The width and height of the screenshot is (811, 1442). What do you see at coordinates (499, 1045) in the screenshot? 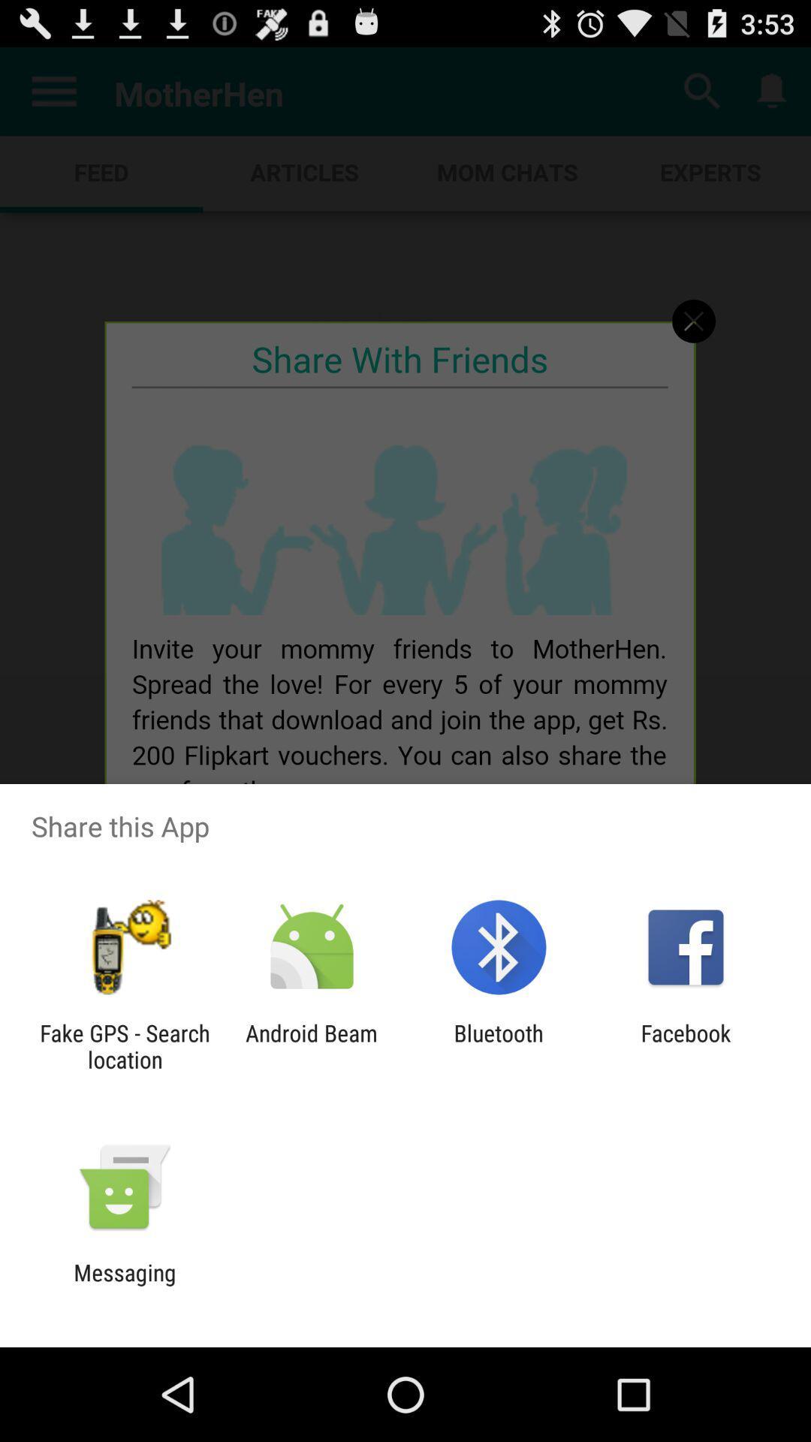
I see `app to the left of the facebook icon` at bounding box center [499, 1045].